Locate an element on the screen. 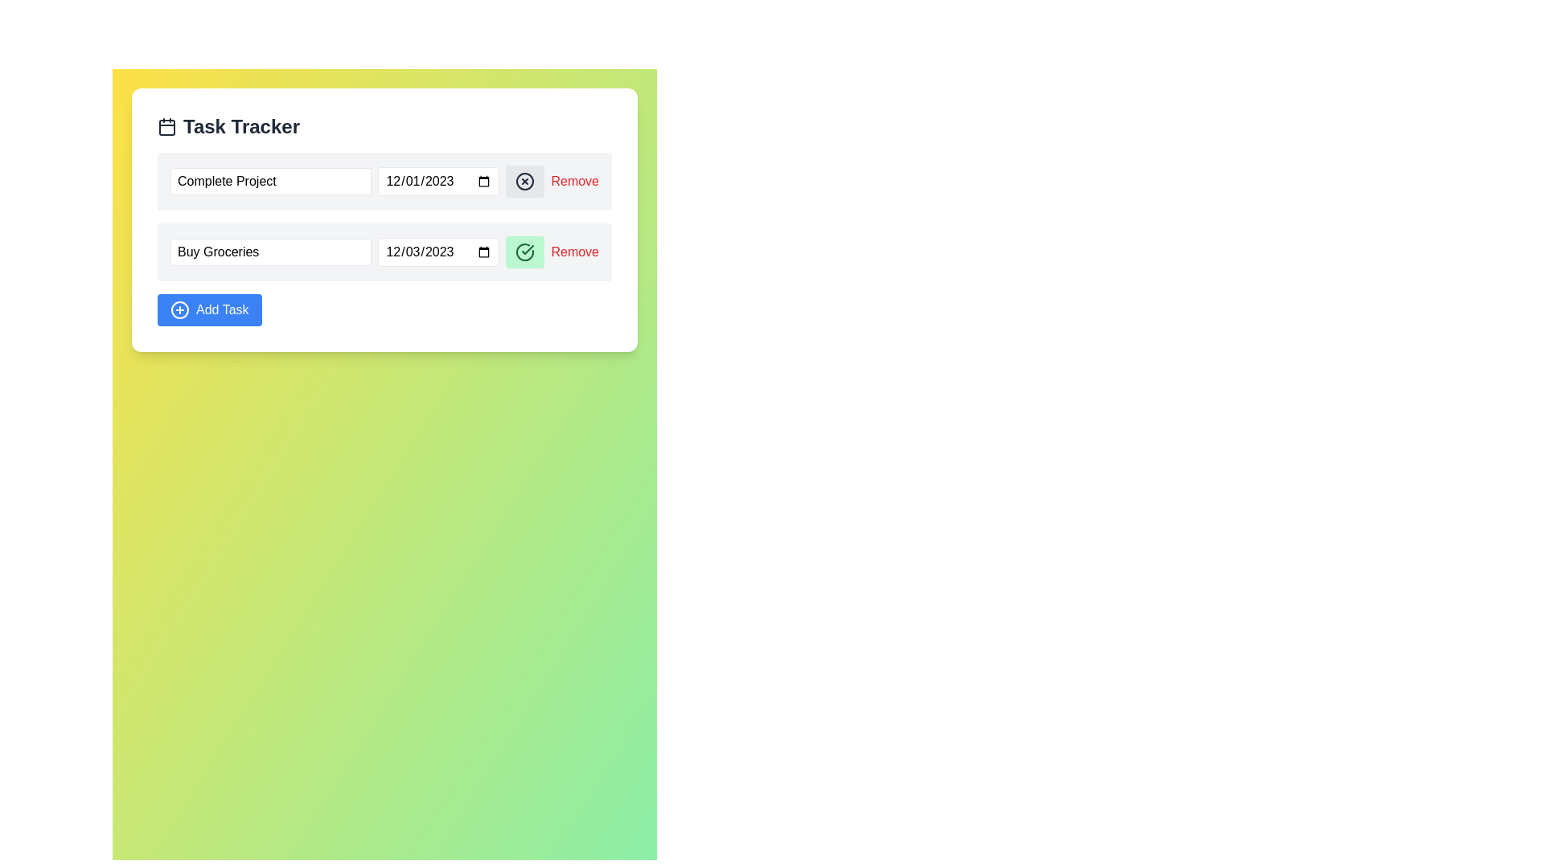 The image size is (1544, 868). the calendar icon located in the top-left region of the 'Task Tracker' title section, positioned before the text 'Task Tracker' is located at coordinates (166, 126).